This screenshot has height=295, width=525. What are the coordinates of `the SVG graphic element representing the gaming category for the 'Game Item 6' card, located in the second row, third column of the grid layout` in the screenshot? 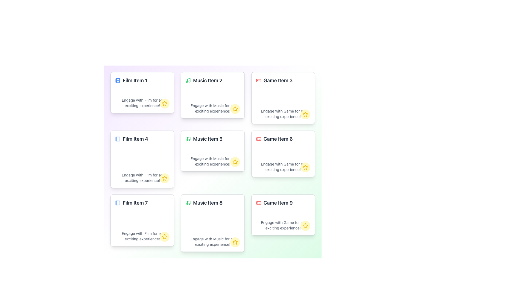 It's located at (258, 139).